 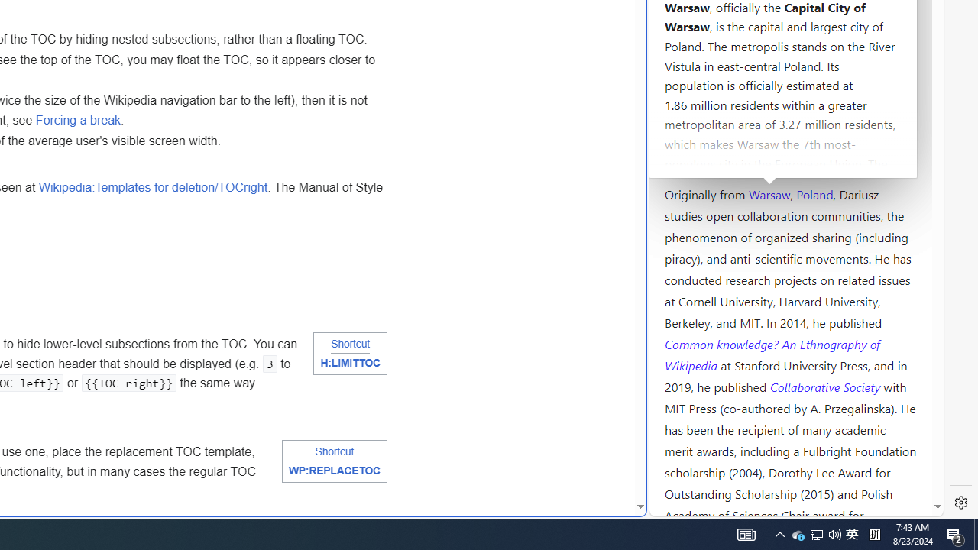 I want to click on 'Collaborative Society ', so click(x=826, y=385).